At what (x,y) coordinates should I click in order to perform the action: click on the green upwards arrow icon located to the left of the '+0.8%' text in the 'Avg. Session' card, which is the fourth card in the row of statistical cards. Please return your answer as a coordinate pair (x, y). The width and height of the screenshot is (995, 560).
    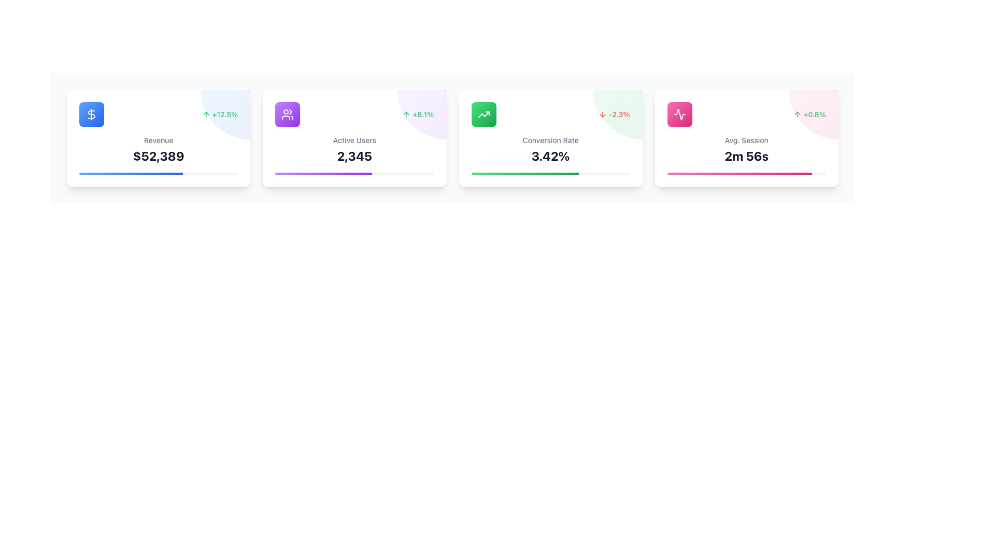
    Looking at the image, I should click on (797, 114).